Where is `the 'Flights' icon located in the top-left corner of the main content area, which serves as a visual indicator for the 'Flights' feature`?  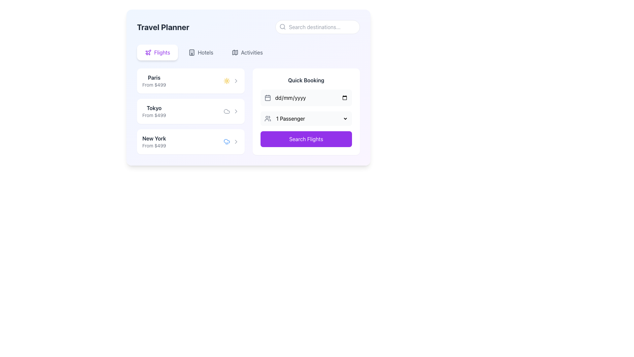 the 'Flights' icon located in the top-left corner of the main content area, which serves as a visual indicator for the 'Flights' feature is located at coordinates (148, 52).